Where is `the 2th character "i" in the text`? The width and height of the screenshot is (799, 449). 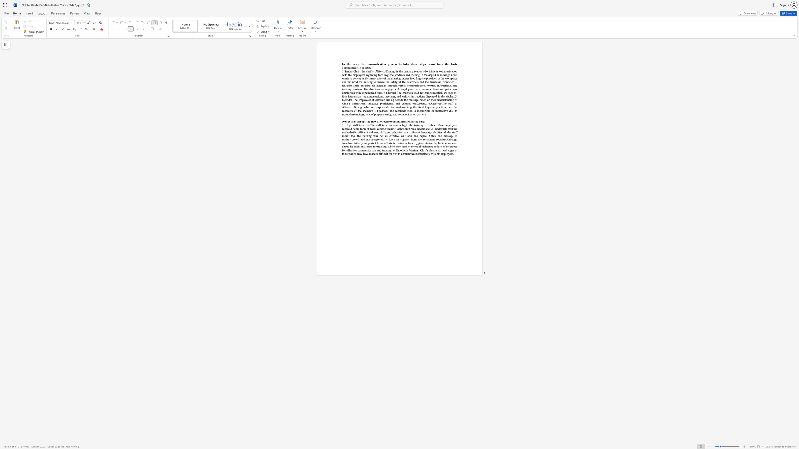
the 2th character "i" in the text is located at coordinates (387, 103).